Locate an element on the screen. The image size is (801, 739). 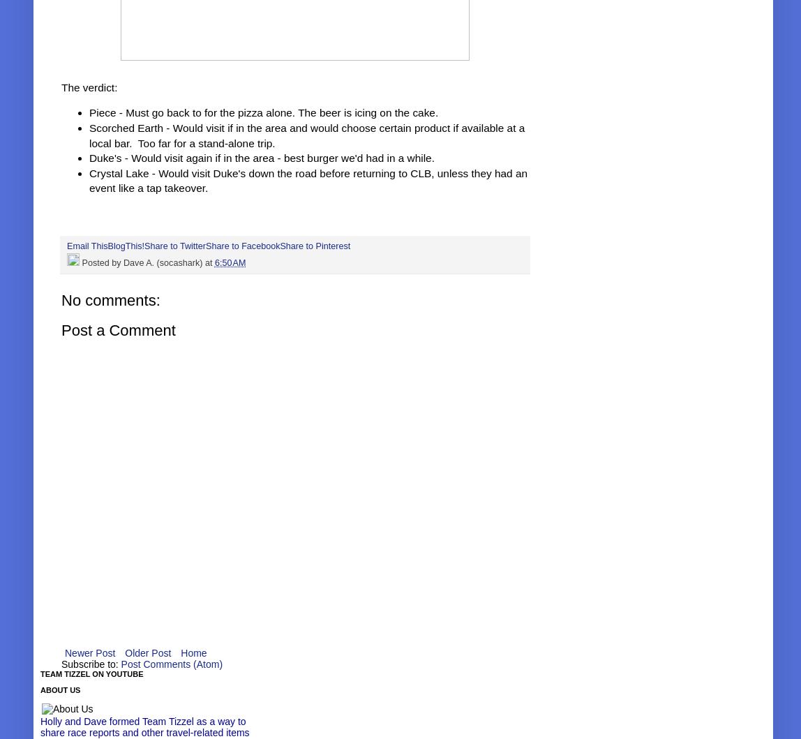
'Newer Post' is located at coordinates (64, 652).